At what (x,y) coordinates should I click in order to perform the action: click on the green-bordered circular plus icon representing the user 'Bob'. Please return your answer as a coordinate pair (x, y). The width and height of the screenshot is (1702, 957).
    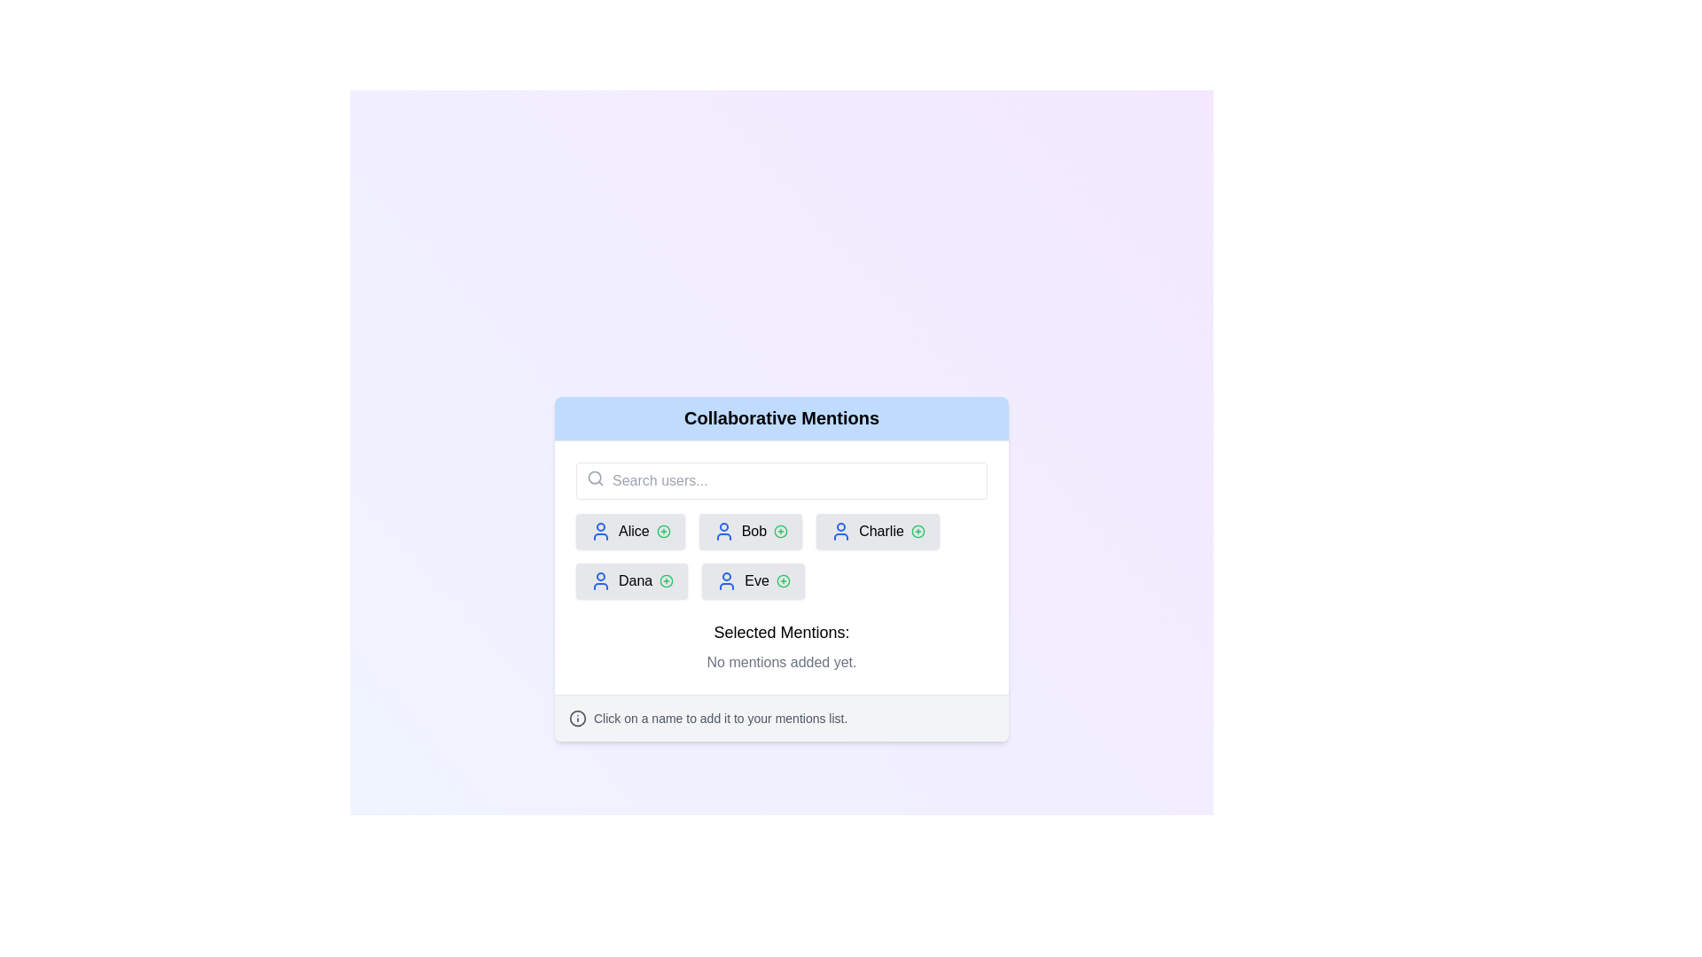
    Looking at the image, I should click on (780, 530).